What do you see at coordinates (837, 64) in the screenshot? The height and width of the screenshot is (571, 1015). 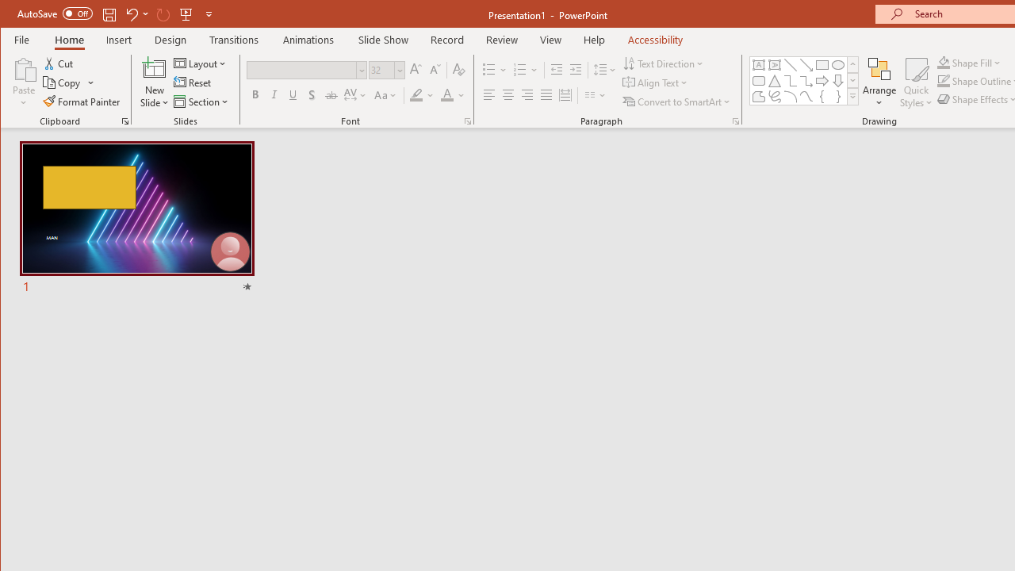 I see `'Oval'` at bounding box center [837, 64].